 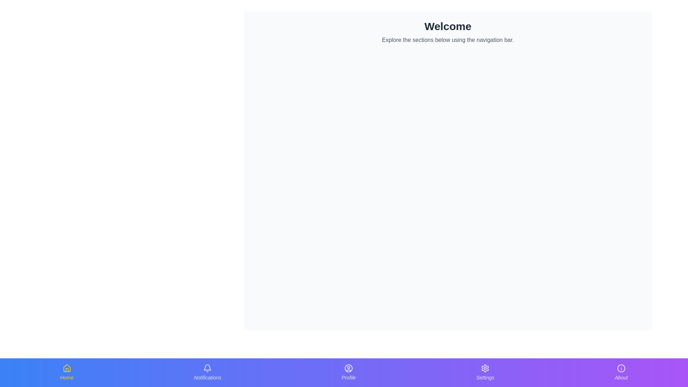 What do you see at coordinates (67, 368) in the screenshot?
I see `the topmost part of the home icon in the bottom navigation bar, which is represented by the outer outline of the house roof` at bounding box center [67, 368].